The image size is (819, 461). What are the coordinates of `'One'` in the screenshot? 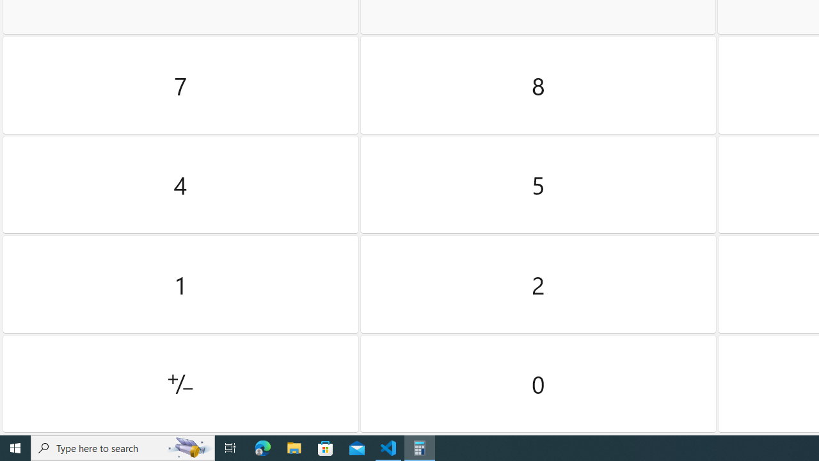 It's located at (180, 284).